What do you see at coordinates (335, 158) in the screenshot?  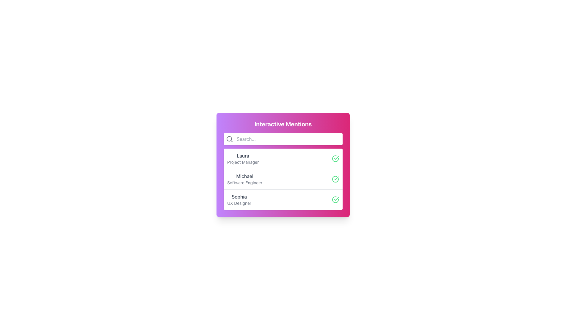 I see `the acknowledgment icon` at bounding box center [335, 158].